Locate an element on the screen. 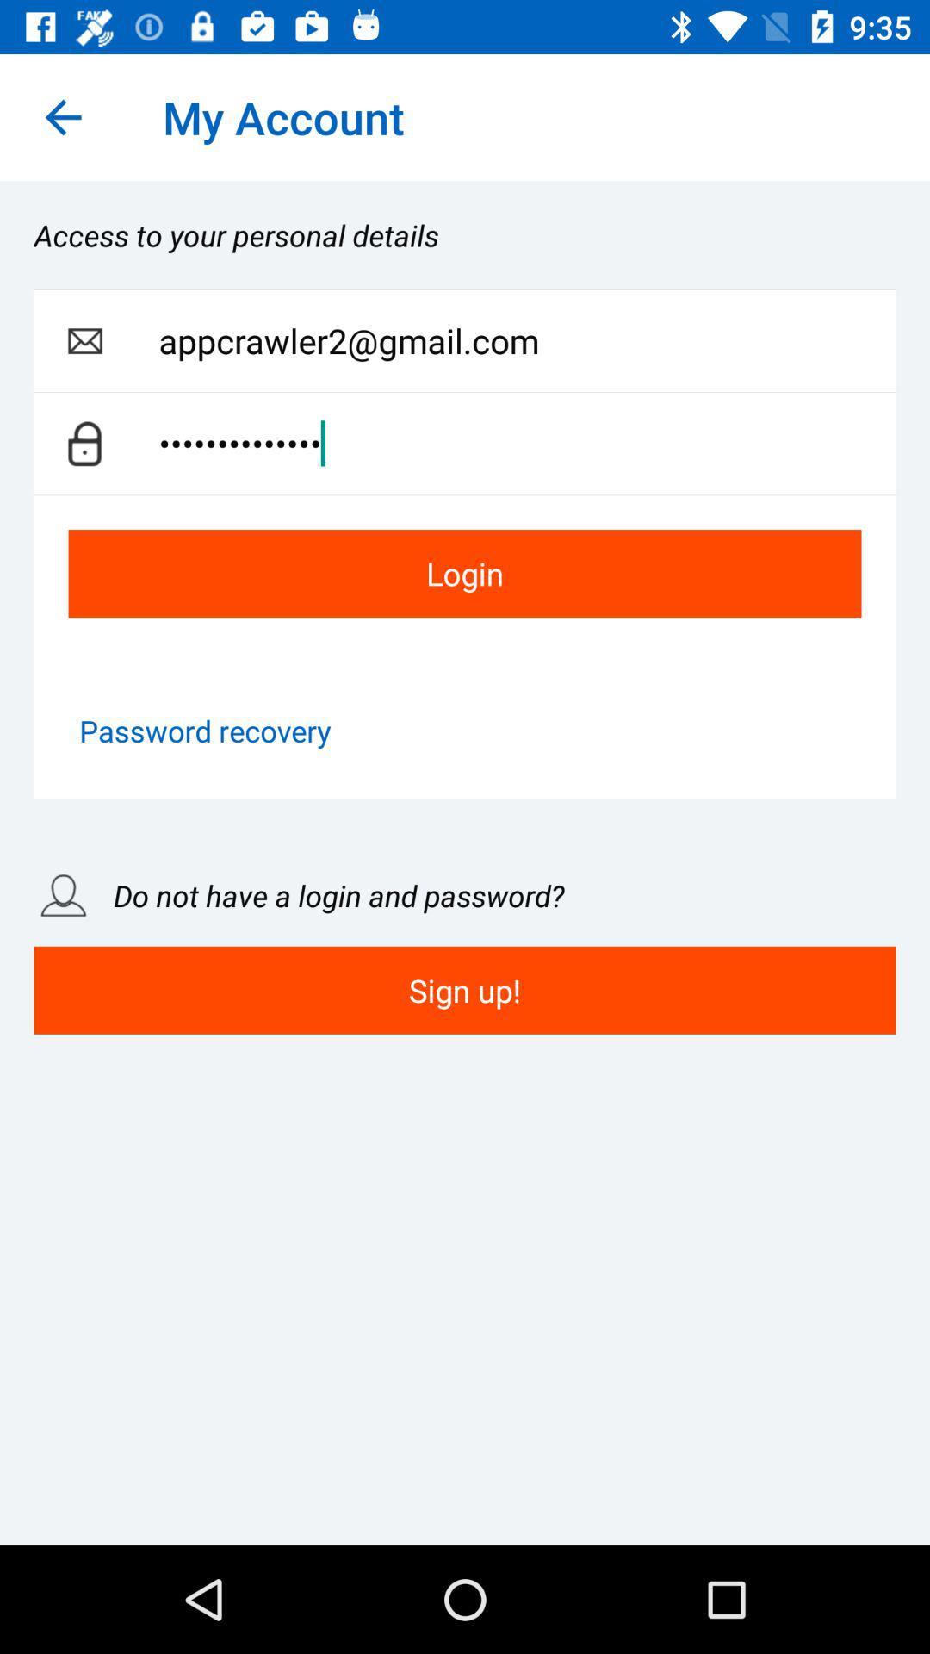 This screenshot has width=930, height=1654. item below appcrawler2@gmail.com item is located at coordinates (526, 444).